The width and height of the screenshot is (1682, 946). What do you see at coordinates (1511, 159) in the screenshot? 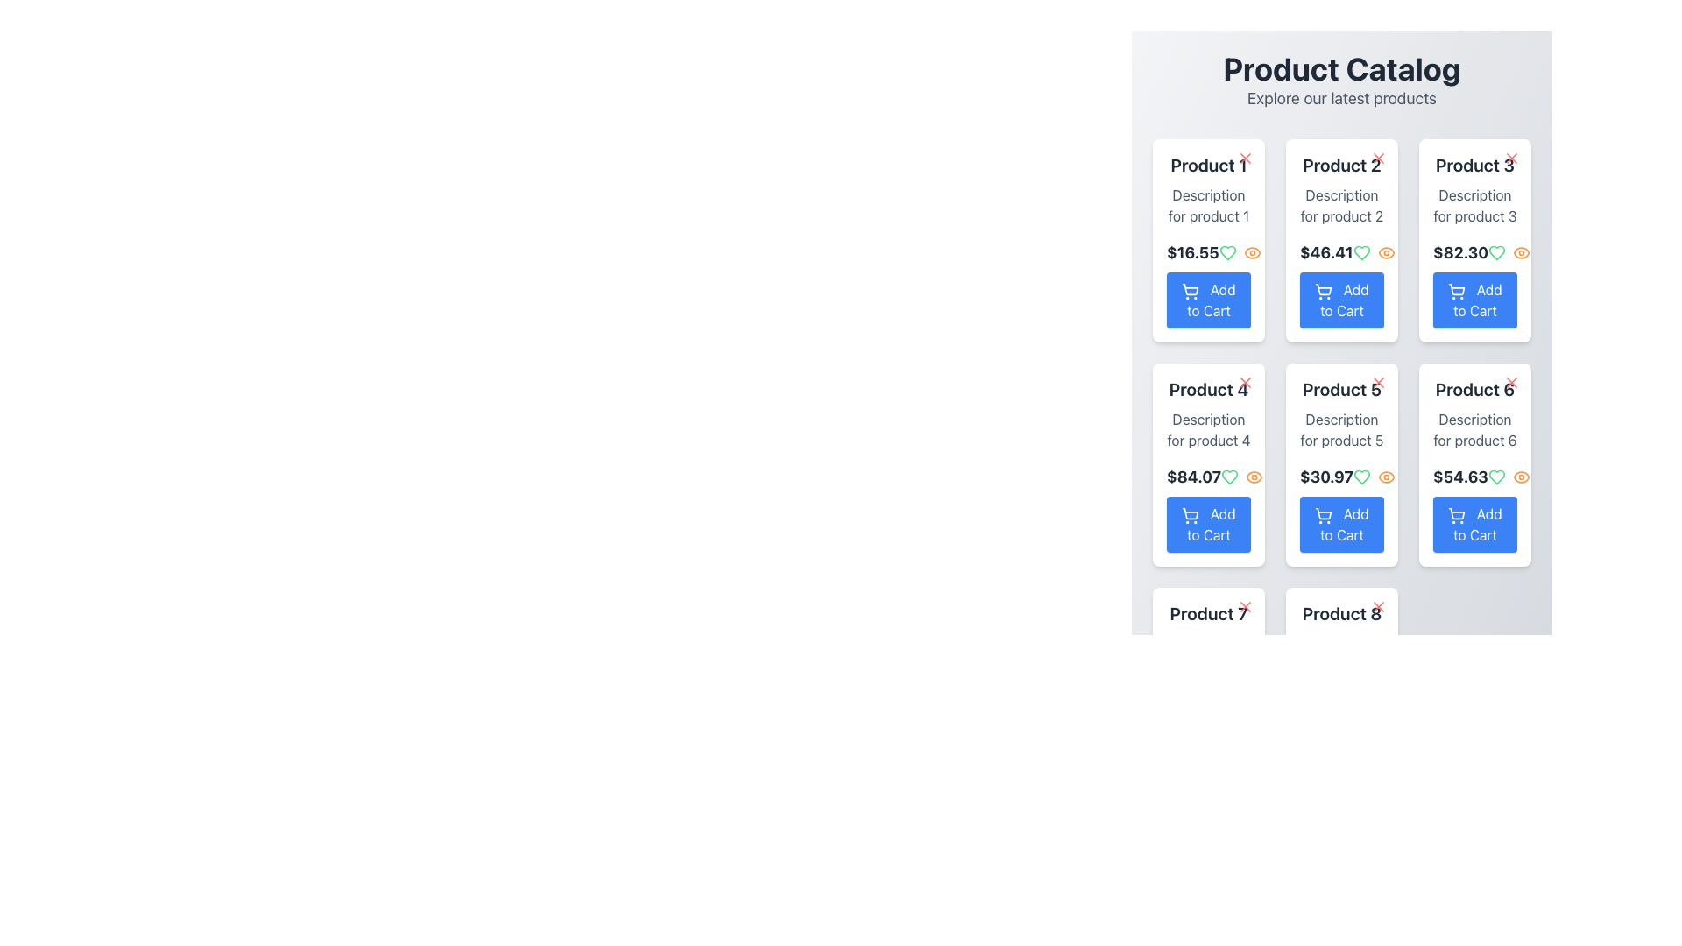
I see `the 'X' close button on the 'Product 3' card in the 'Product Catalog' to change its appearance` at bounding box center [1511, 159].